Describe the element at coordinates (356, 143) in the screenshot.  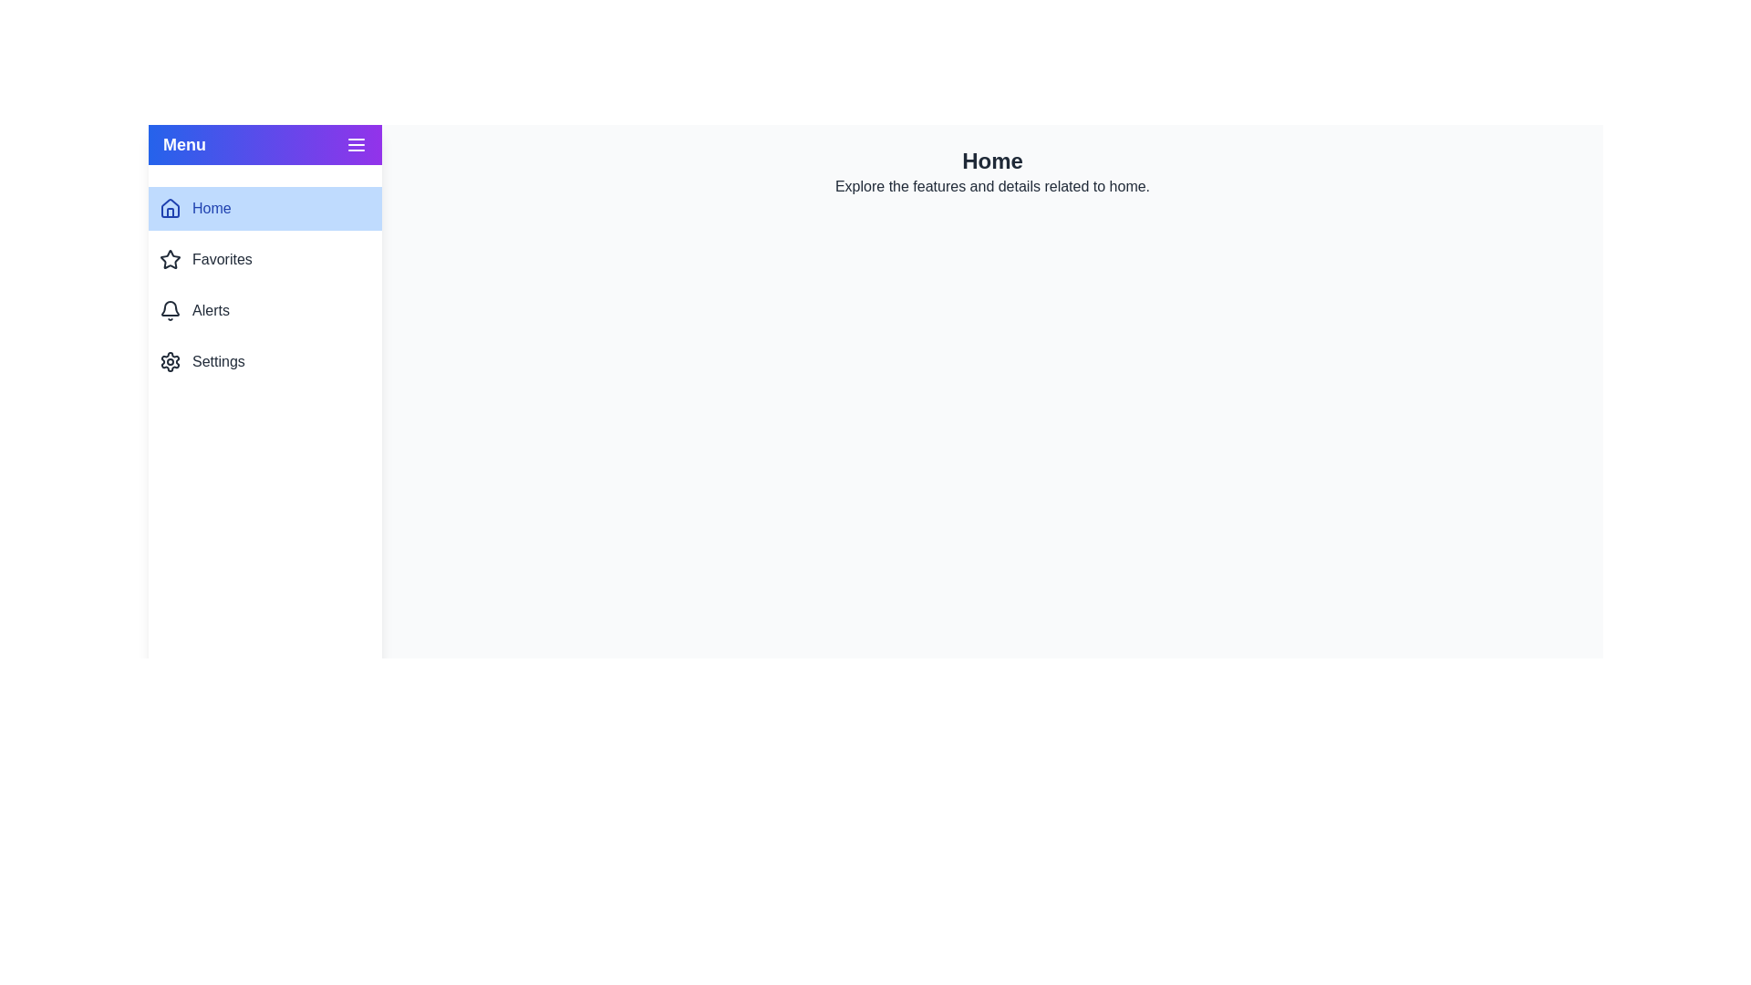
I see `the icon button with three horizontal lines located at the far right side of the header bar` at that location.